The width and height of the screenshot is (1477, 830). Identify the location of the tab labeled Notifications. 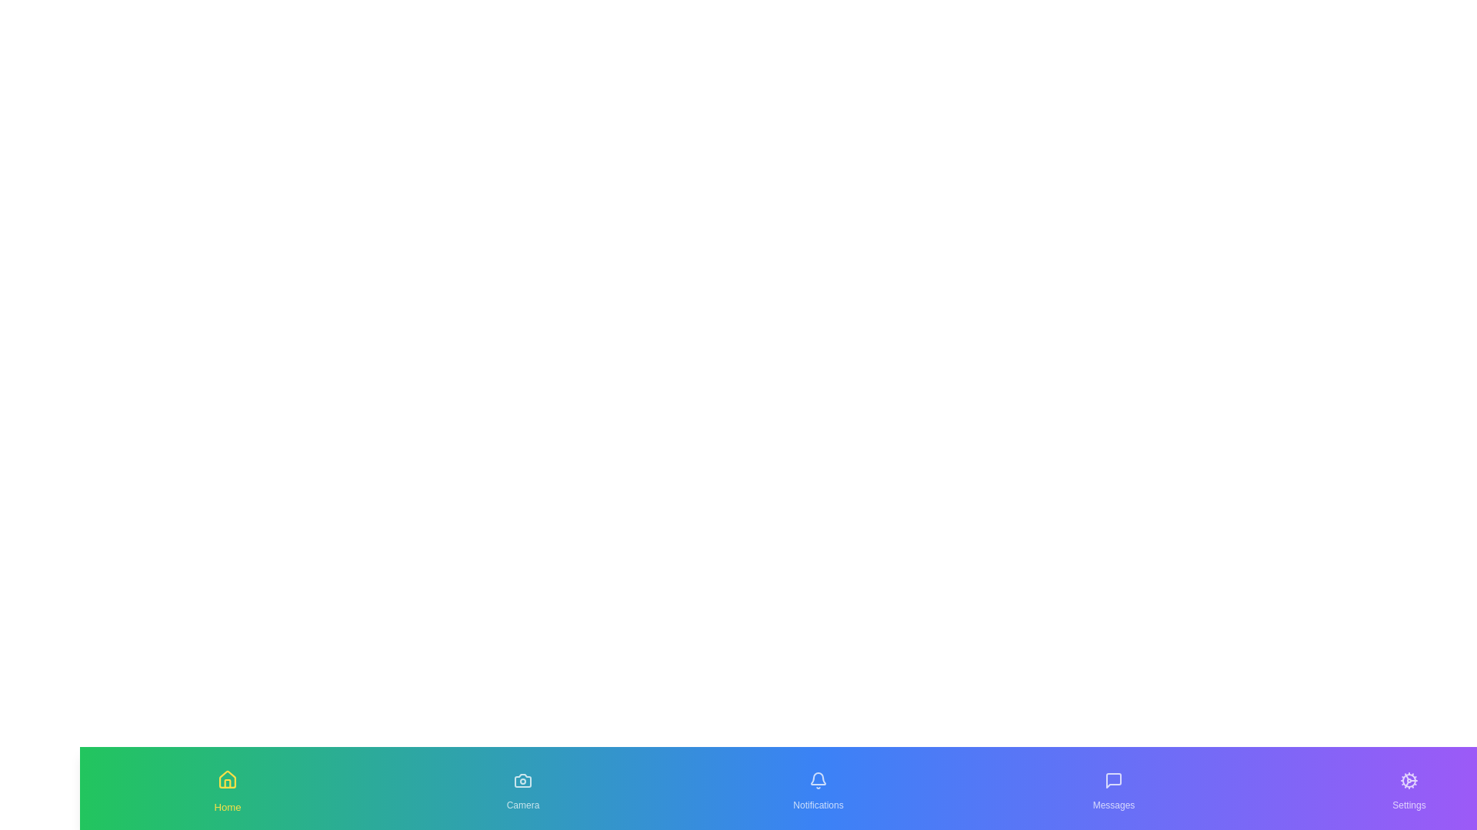
(818, 788).